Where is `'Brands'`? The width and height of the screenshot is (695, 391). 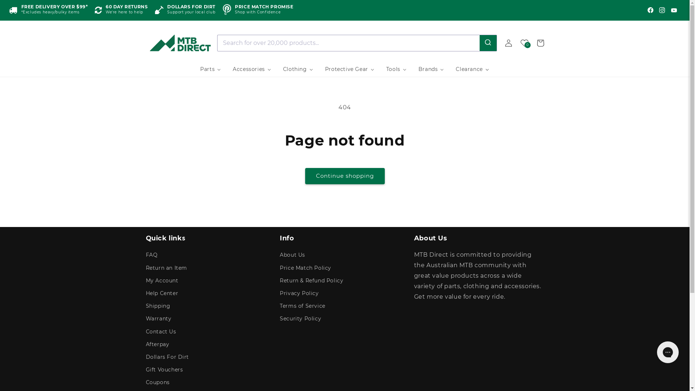 'Brands' is located at coordinates (431, 69).